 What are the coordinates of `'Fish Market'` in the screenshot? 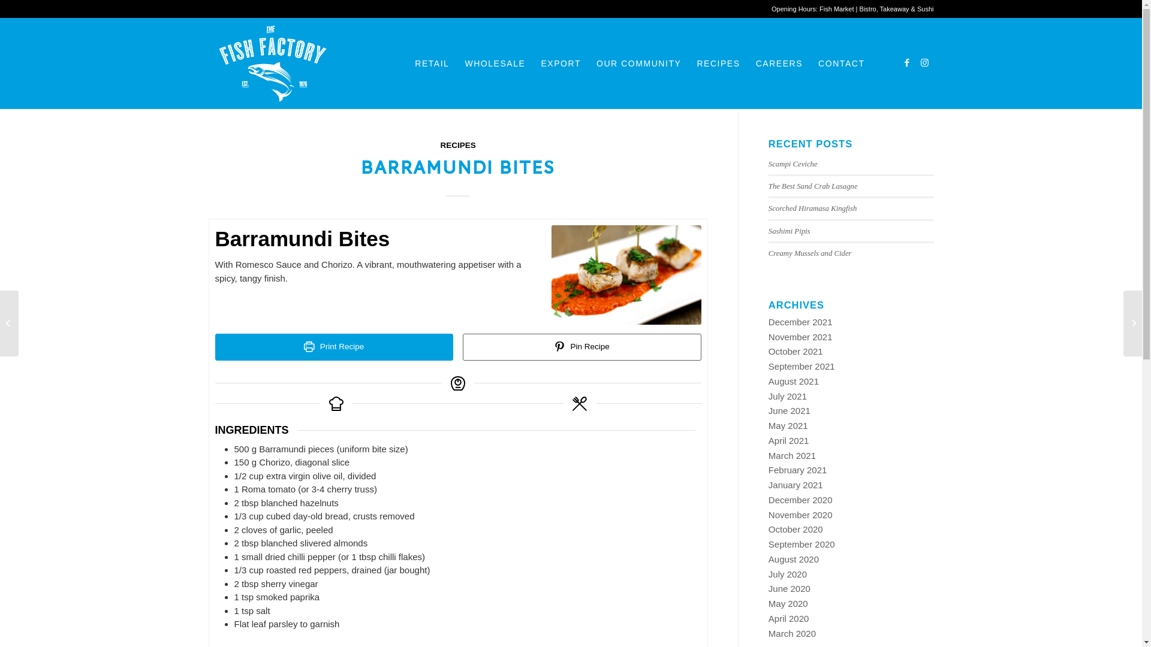 It's located at (836, 9).